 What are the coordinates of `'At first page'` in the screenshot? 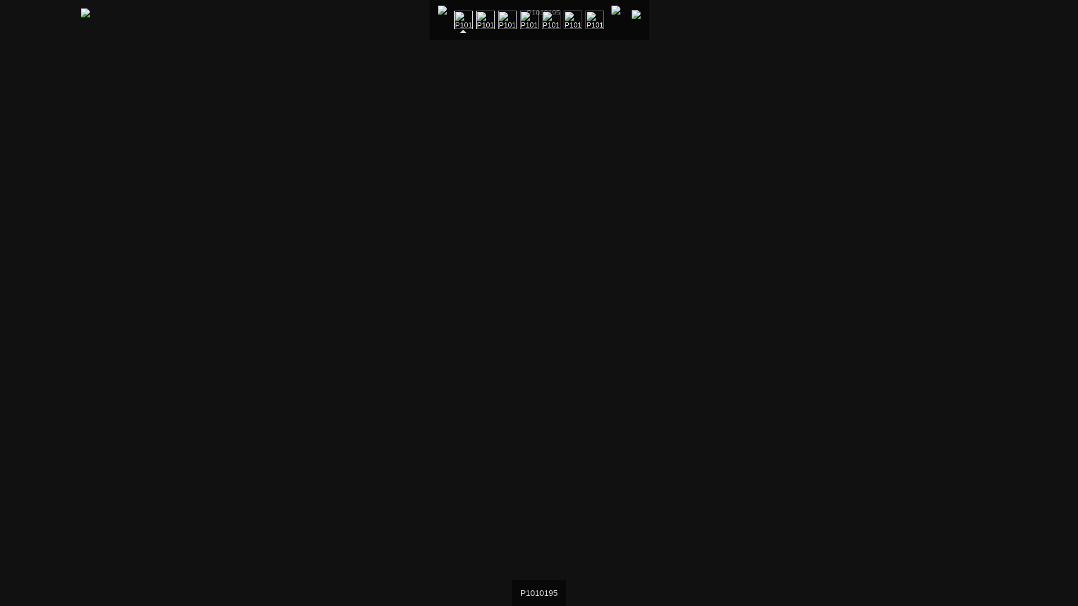 It's located at (614, 20).